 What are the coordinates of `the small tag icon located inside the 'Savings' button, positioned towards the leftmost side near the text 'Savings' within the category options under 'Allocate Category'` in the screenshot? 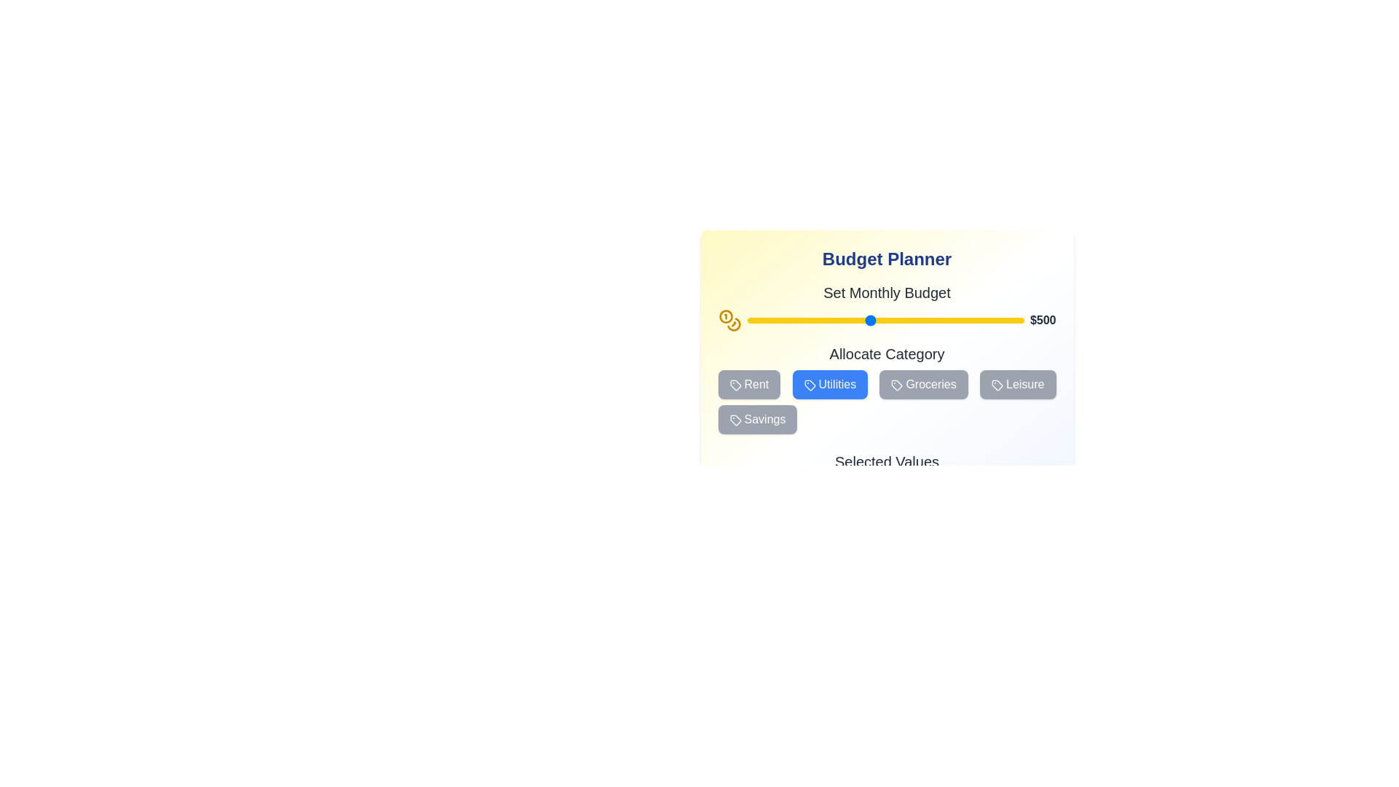 It's located at (735, 420).